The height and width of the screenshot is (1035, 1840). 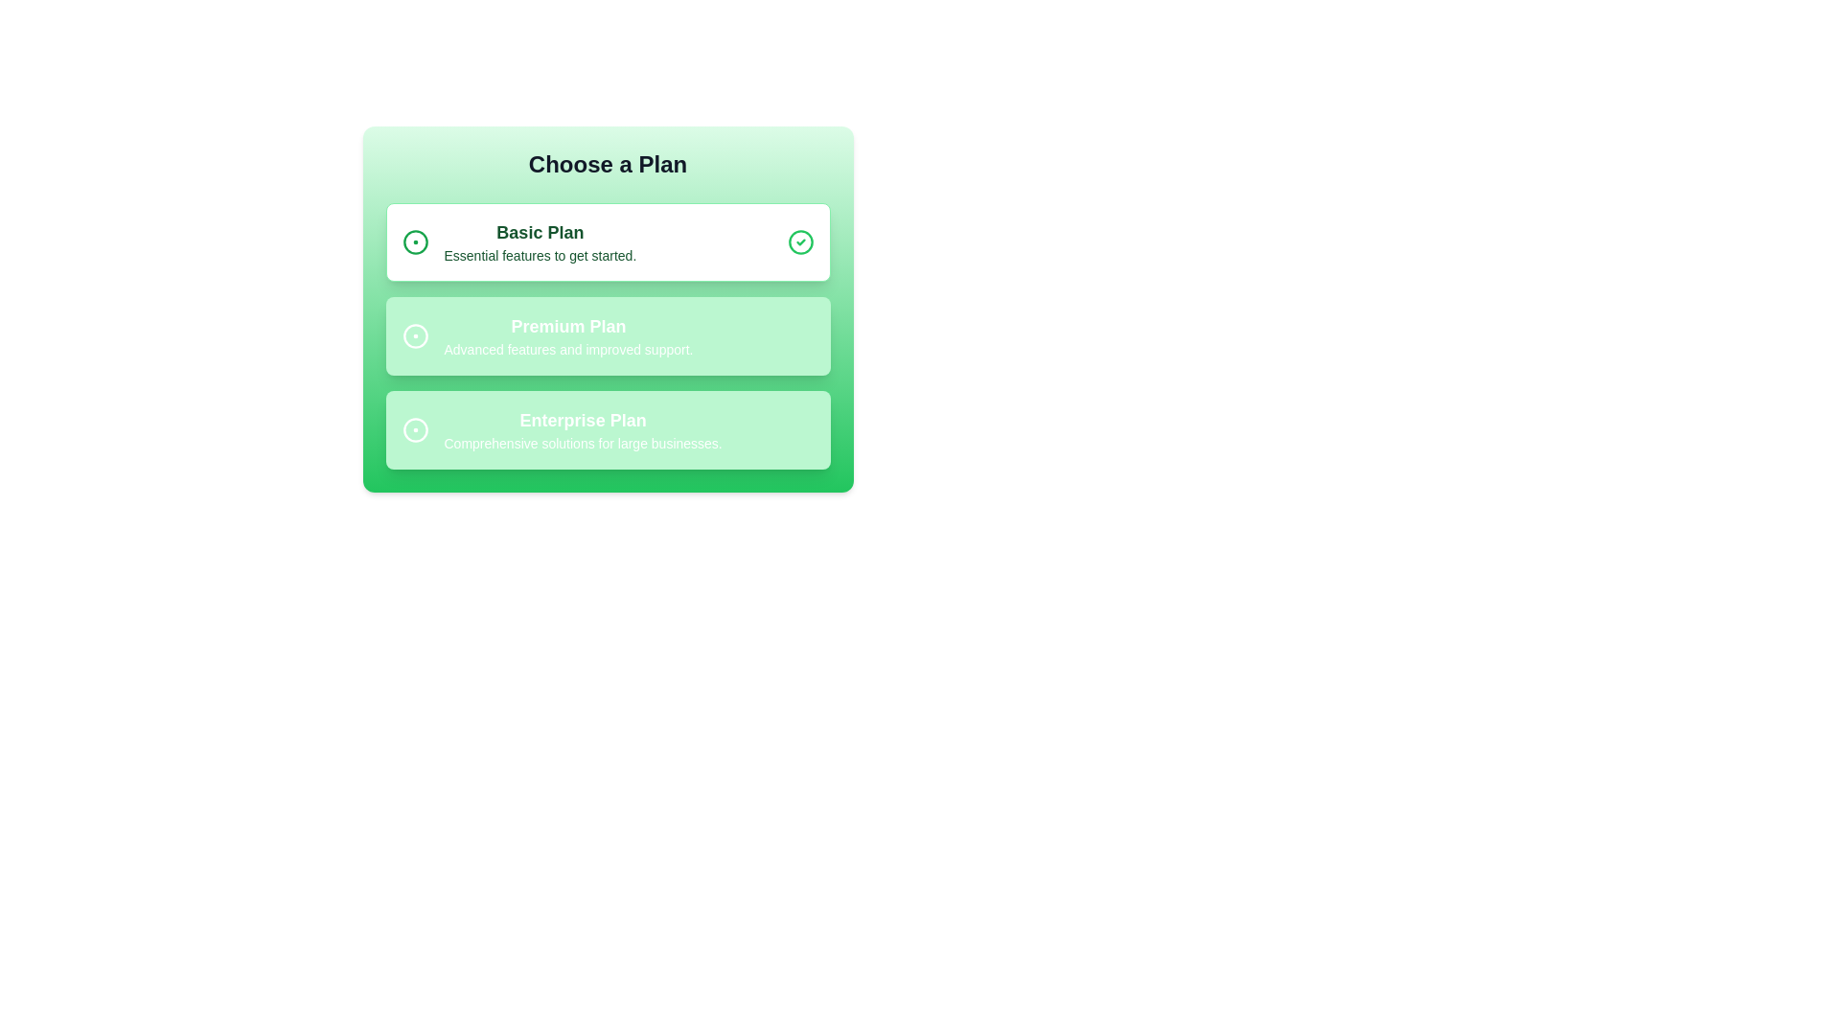 What do you see at coordinates (539, 232) in the screenshot?
I see `the static text label reading 'Basic Plan' which is displayed in bold font and is the primary title of the card, located above the descriptive text 'Essential features to get started.'` at bounding box center [539, 232].